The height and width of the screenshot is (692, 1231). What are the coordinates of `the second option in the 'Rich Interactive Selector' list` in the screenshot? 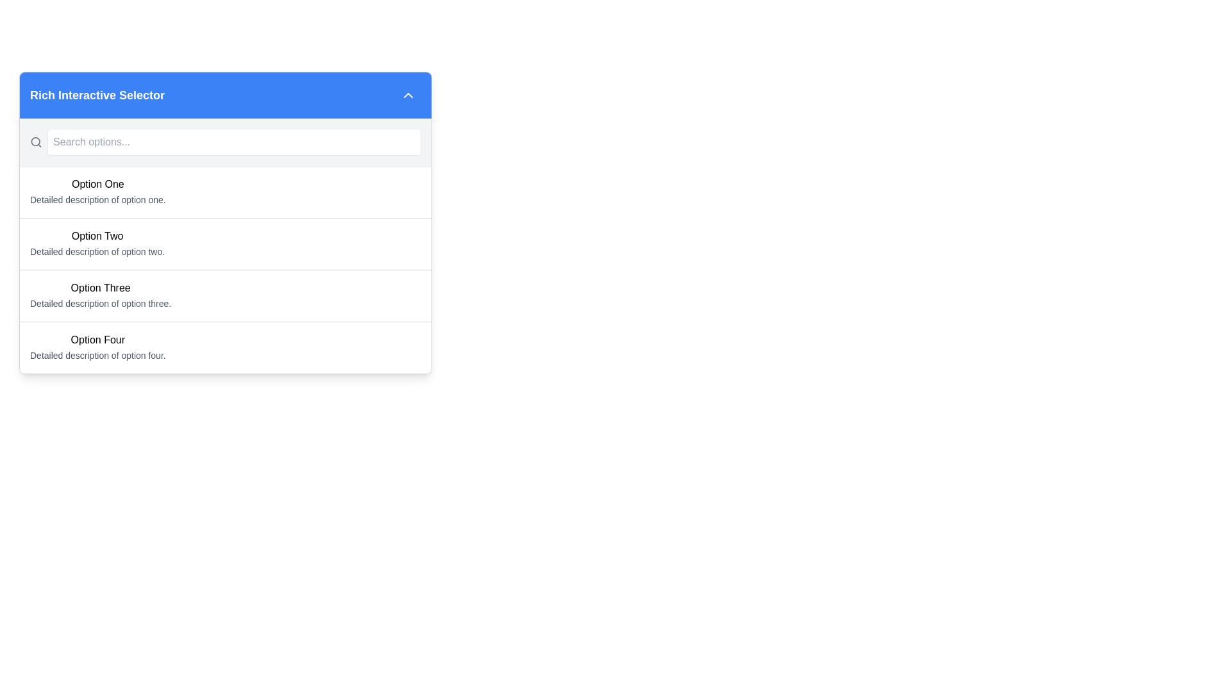 It's located at (225, 222).